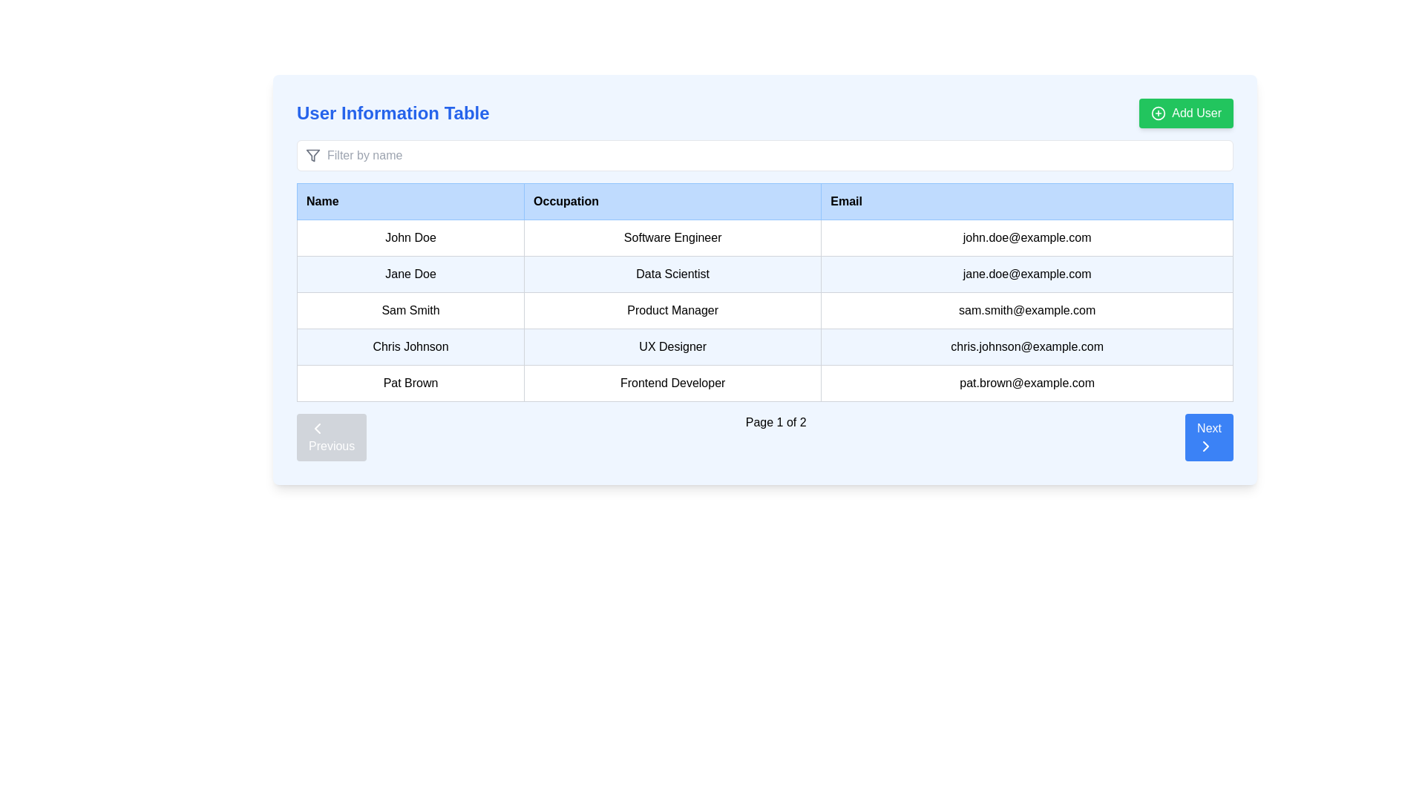 The height and width of the screenshot is (801, 1425). What do you see at coordinates (672, 237) in the screenshot?
I see `the text label displaying the job title of John Doe in the second column of the first row of the table under the 'Occupation' header` at bounding box center [672, 237].